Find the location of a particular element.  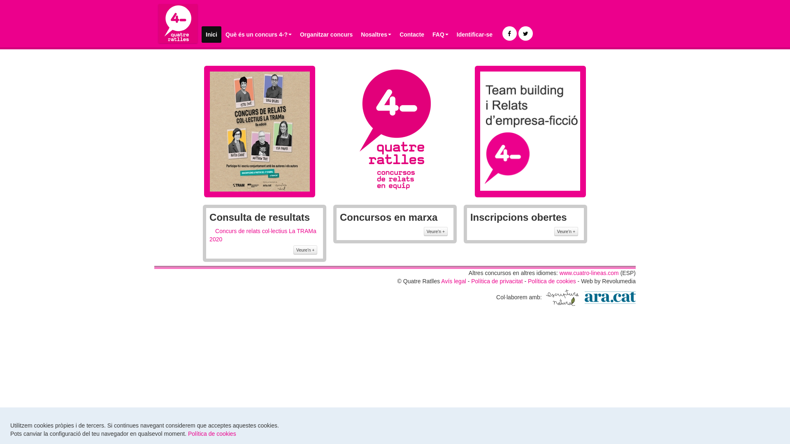

'Organitzar concurs' is located at coordinates (325, 34).